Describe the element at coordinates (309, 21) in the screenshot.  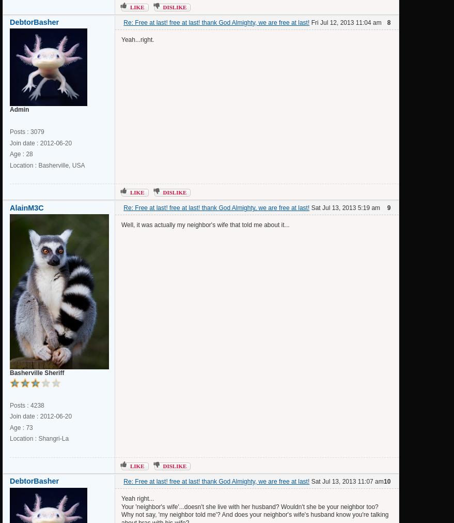
I see `'Fri Jul 12, 2013 11:04 am'` at that location.